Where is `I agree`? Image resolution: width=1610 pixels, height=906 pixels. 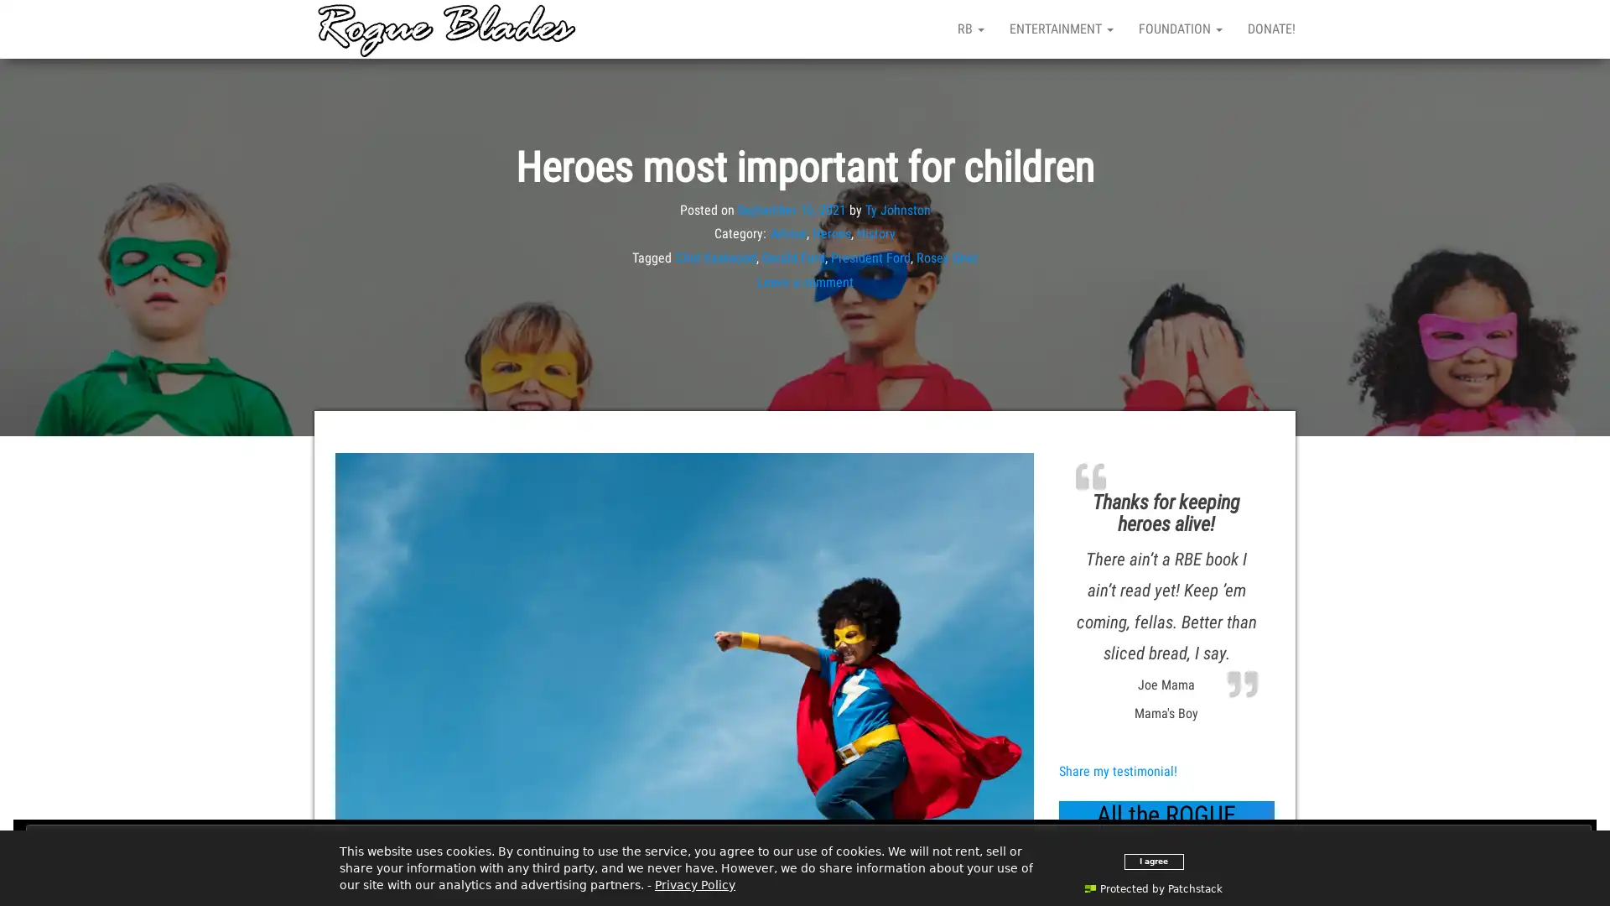
I agree is located at coordinates (1152, 861).